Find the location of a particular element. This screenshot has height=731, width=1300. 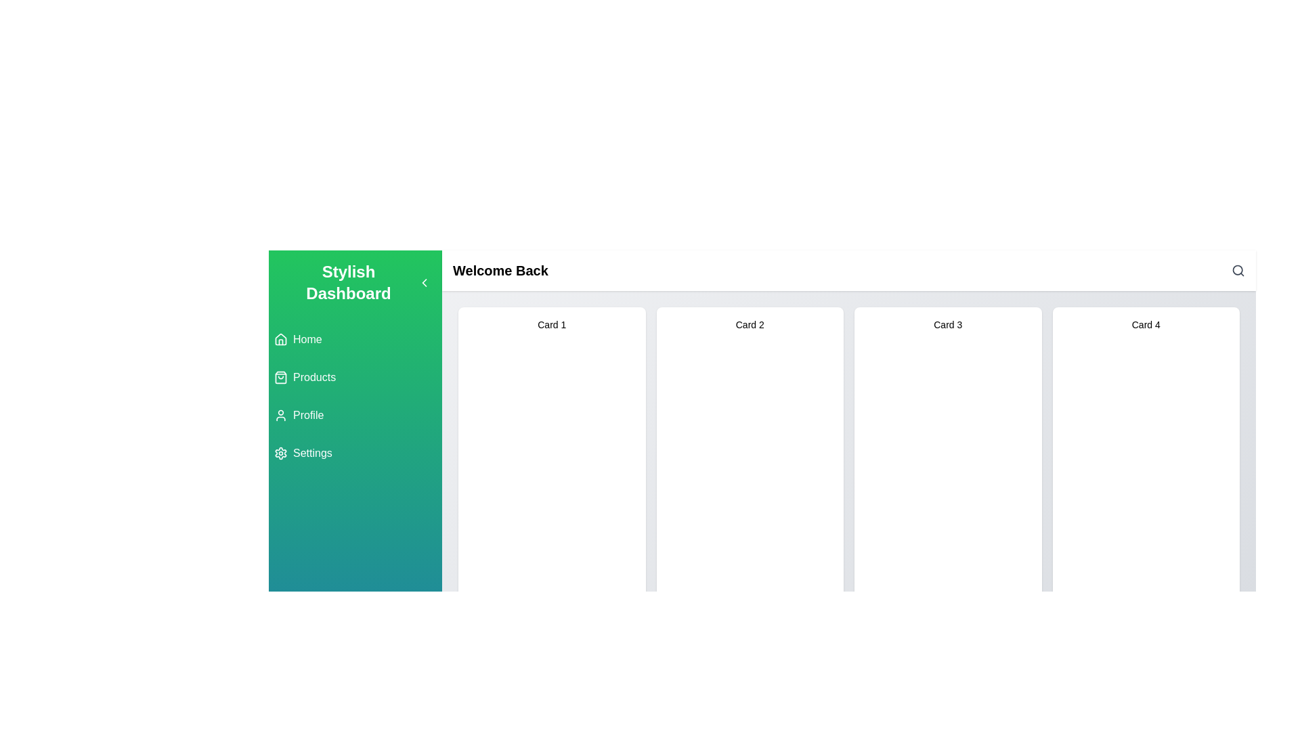

the 'Products' navigation label located in the sidebar, which is the second item below 'Home' and above 'Profile' is located at coordinates (313, 378).